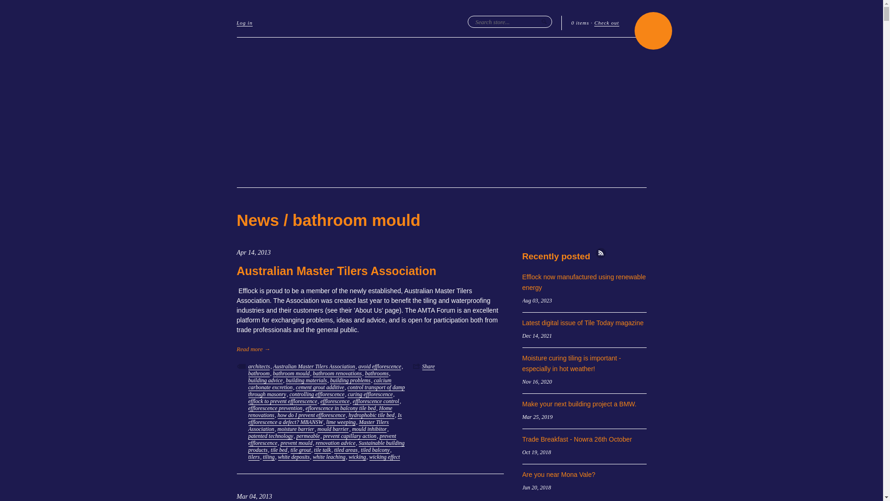  What do you see at coordinates (248, 408) in the screenshot?
I see `'efflorescence prevention'` at bounding box center [248, 408].